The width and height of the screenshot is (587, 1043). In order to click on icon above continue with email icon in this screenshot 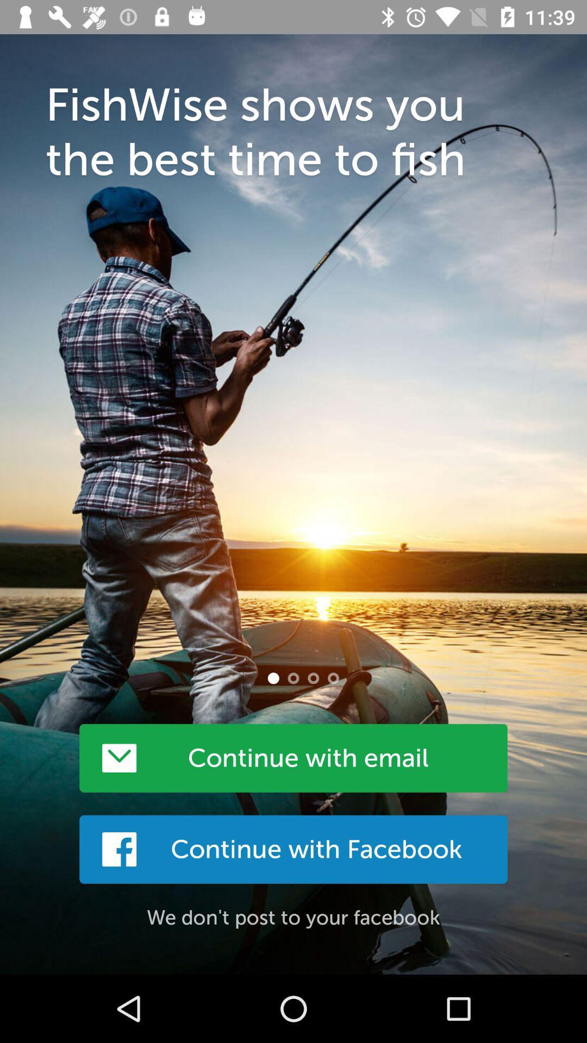, I will do `click(273, 677)`.